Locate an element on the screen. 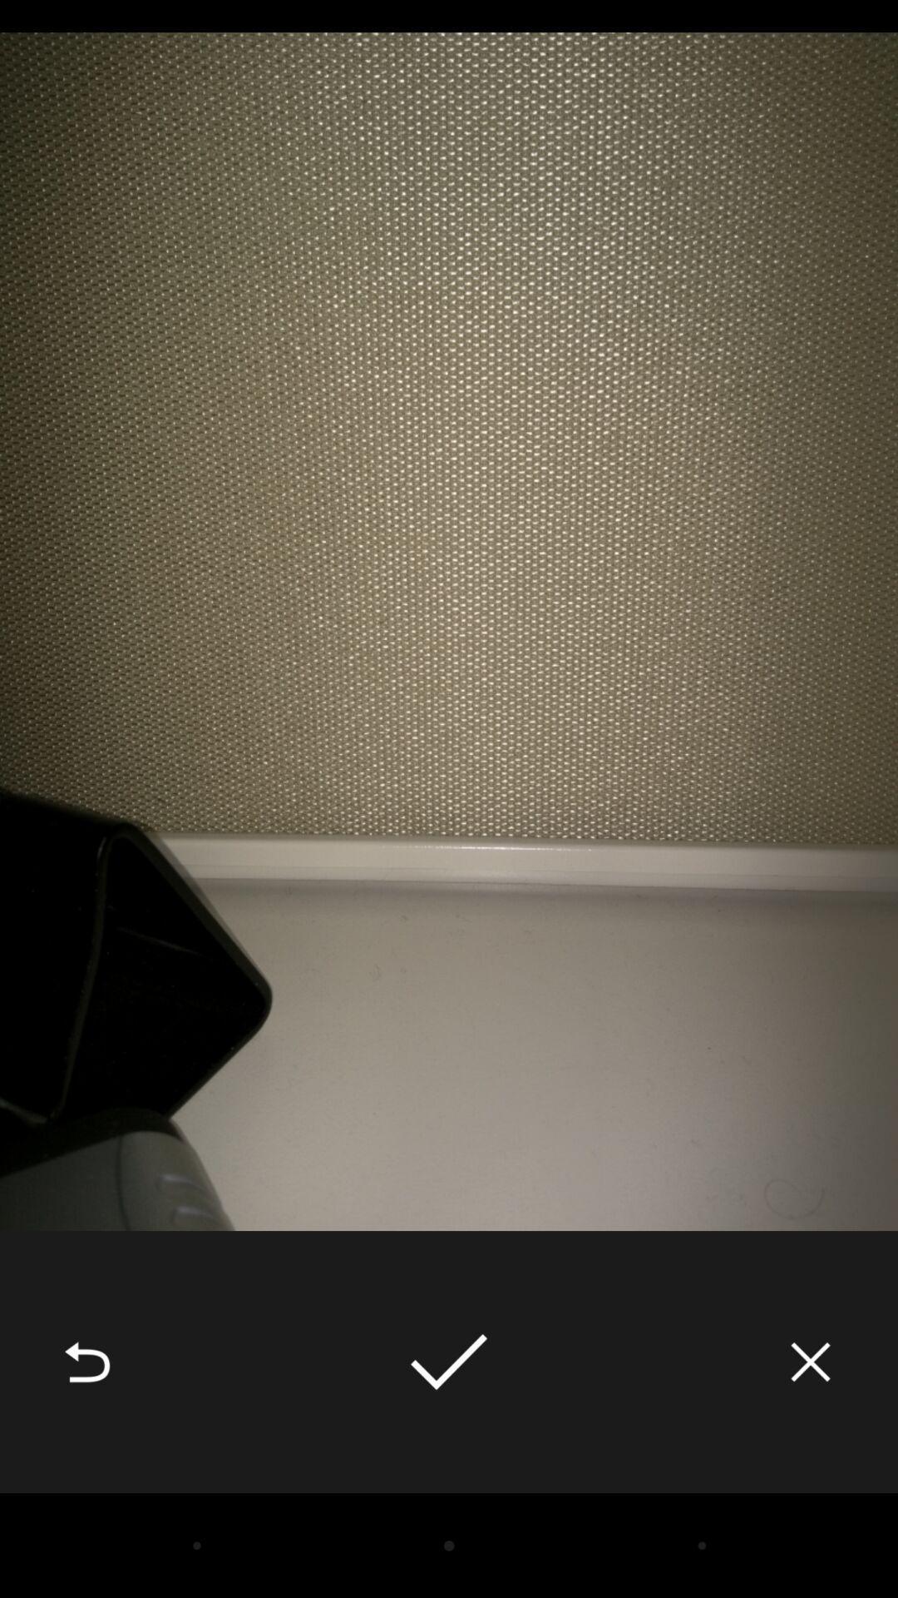 The height and width of the screenshot is (1598, 898). the item at the bottom right corner is located at coordinates (810, 1362).